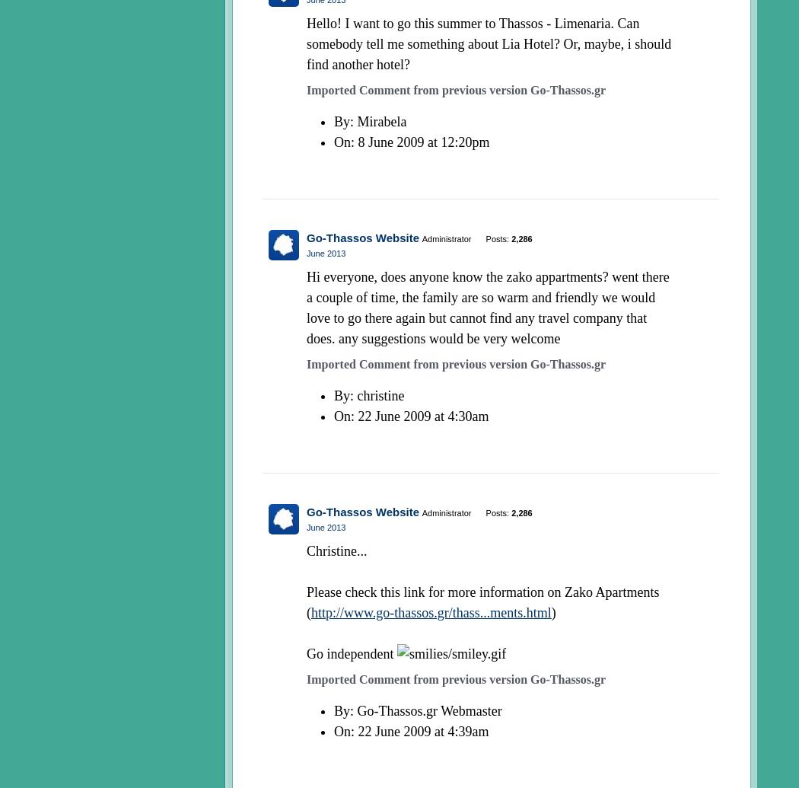  Describe the element at coordinates (377, 120) in the screenshot. I see `': Mirabela'` at that location.